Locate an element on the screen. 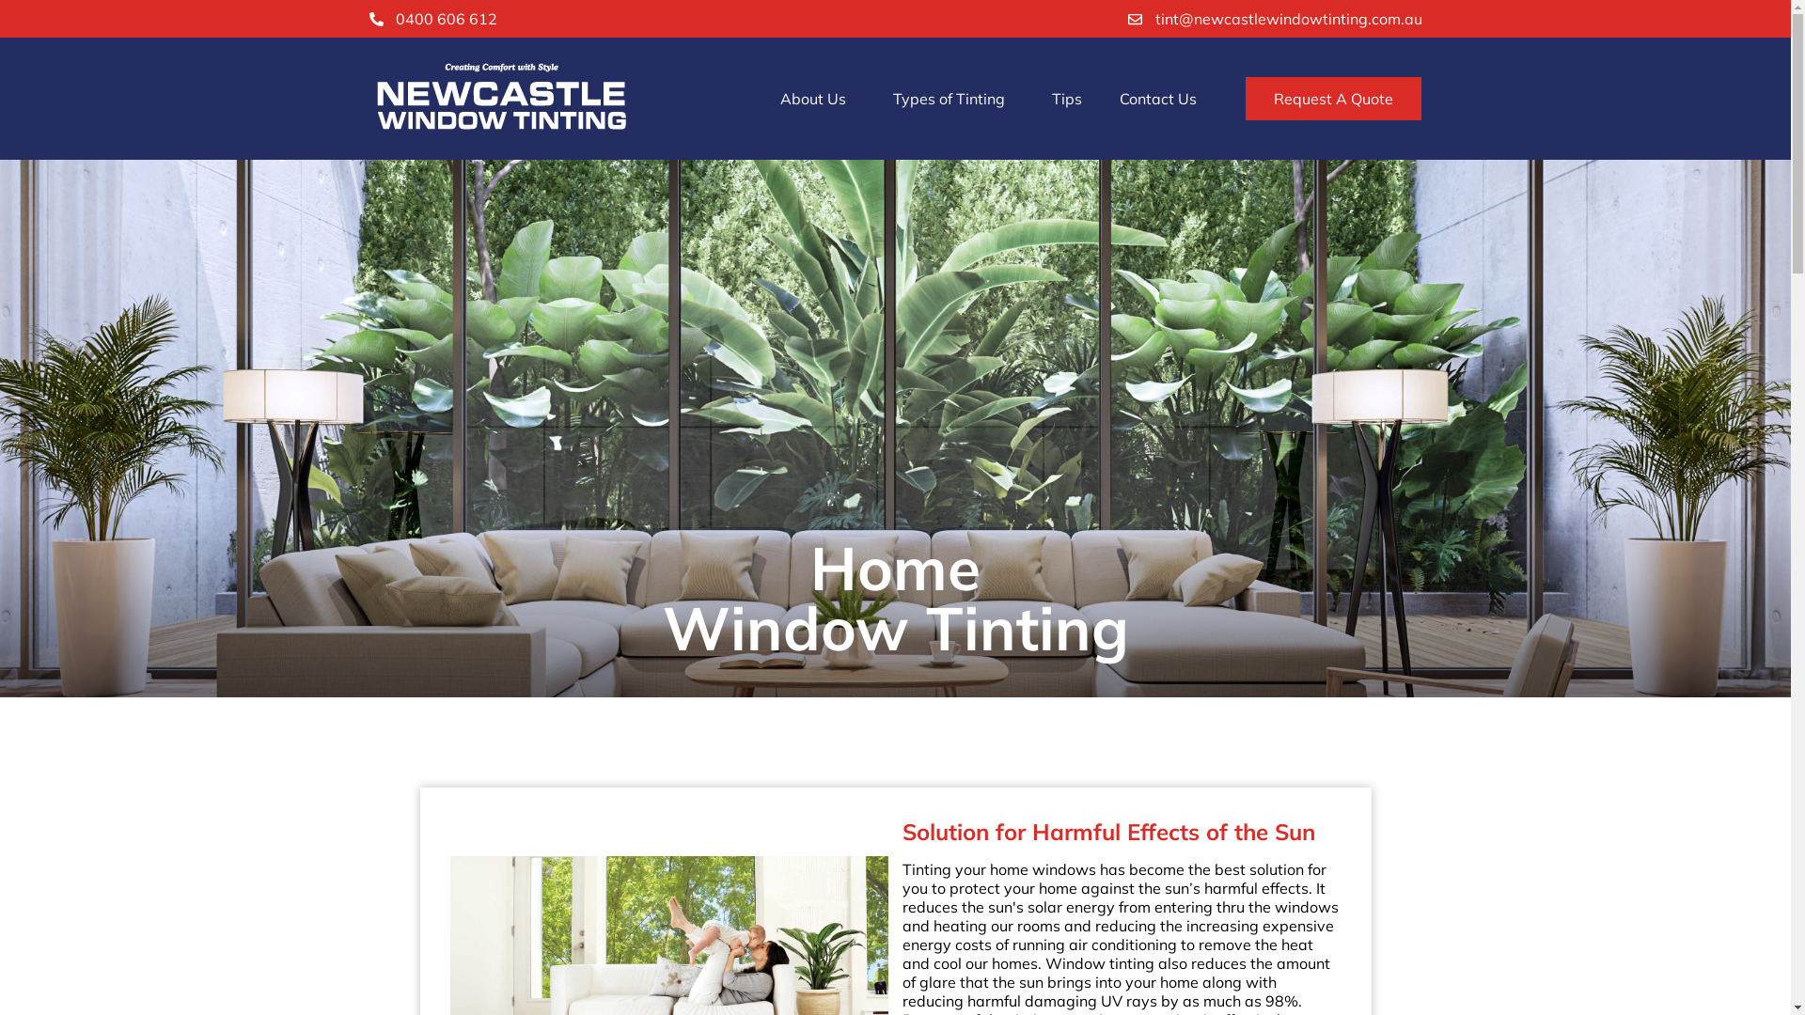 The width and height of the screenshot is (1805, 1015). 'Types of Tinting' is located at coordinates (873, 98).